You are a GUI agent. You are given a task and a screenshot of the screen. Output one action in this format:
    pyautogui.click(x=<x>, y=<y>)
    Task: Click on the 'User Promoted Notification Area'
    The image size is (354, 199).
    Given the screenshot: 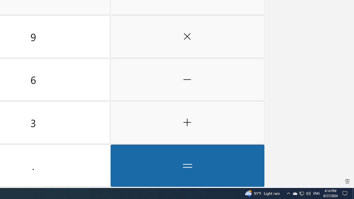 What is the action you would take?
    pyautogui.click(x=301, y=193)
    